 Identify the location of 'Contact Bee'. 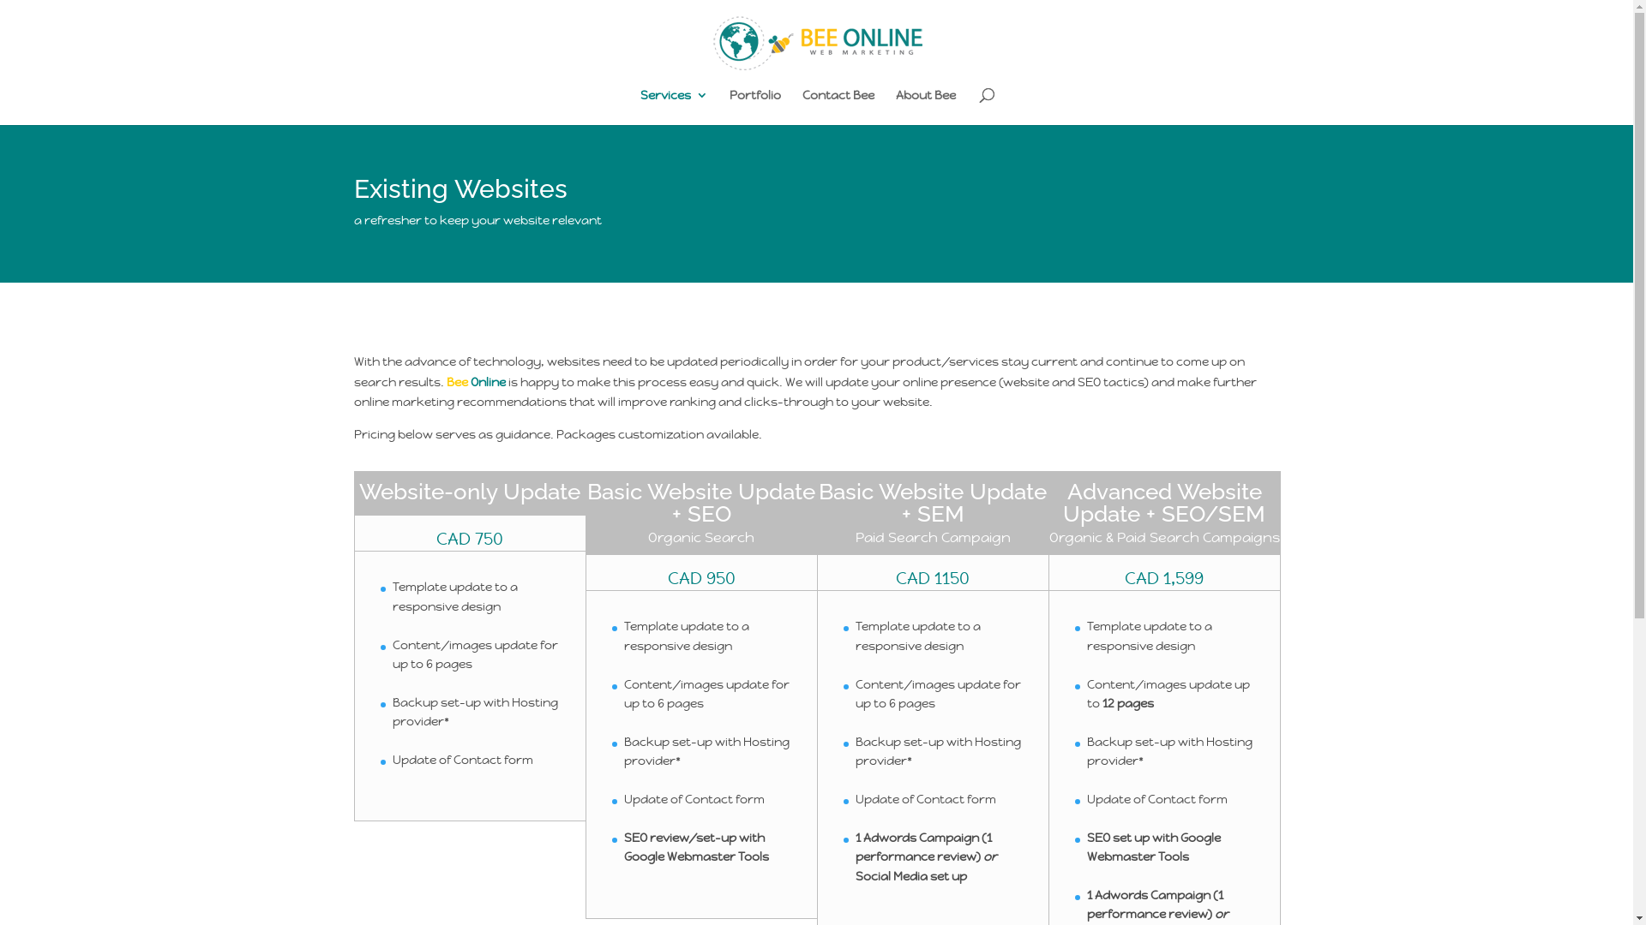
(838, 106).